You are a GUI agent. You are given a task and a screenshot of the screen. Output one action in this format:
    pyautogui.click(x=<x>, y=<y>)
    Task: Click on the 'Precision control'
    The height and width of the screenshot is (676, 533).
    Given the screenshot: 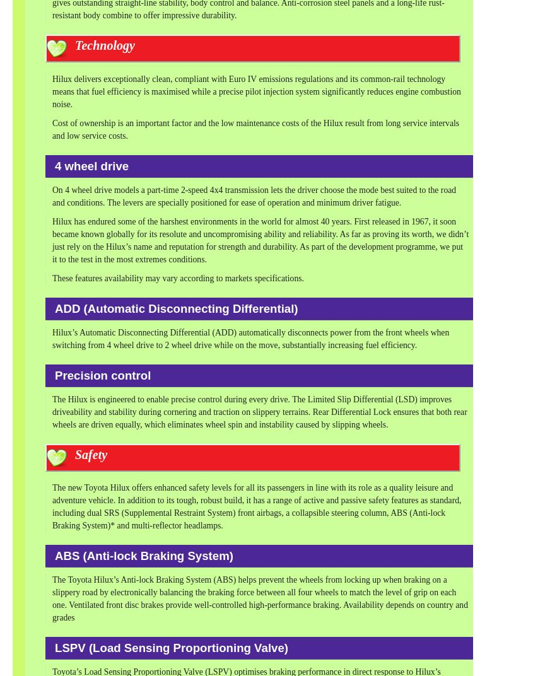 What is the action you would take?
    pyautogui.click(x=103, y=374)
    